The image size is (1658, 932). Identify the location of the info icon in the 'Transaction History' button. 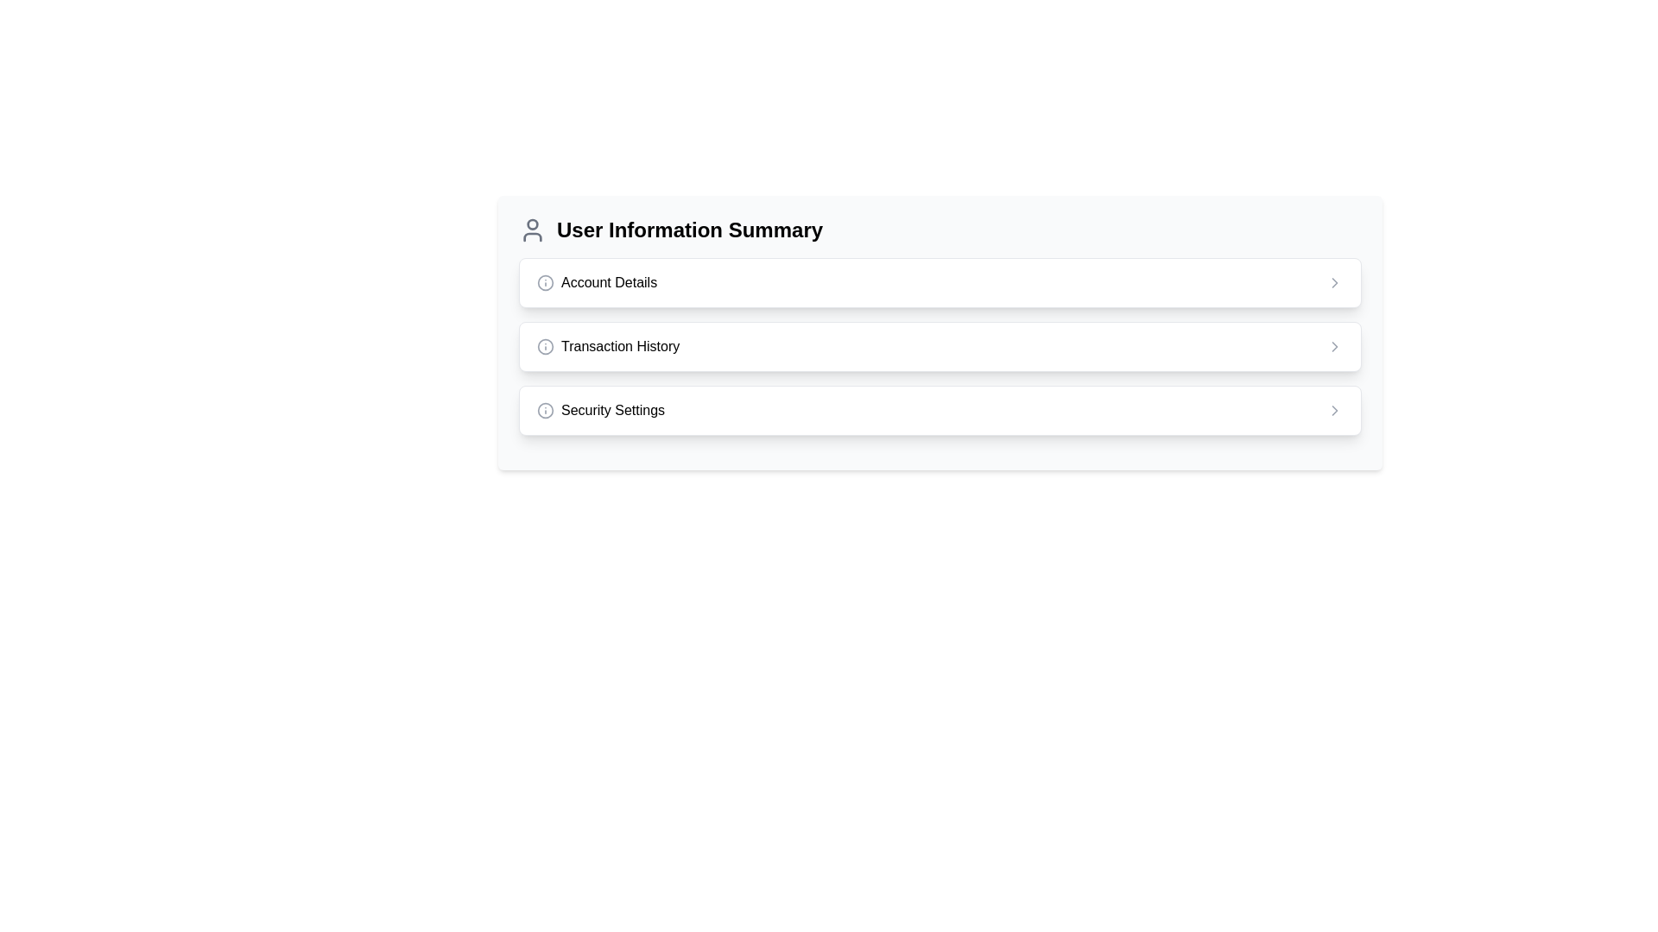
(608, 346).